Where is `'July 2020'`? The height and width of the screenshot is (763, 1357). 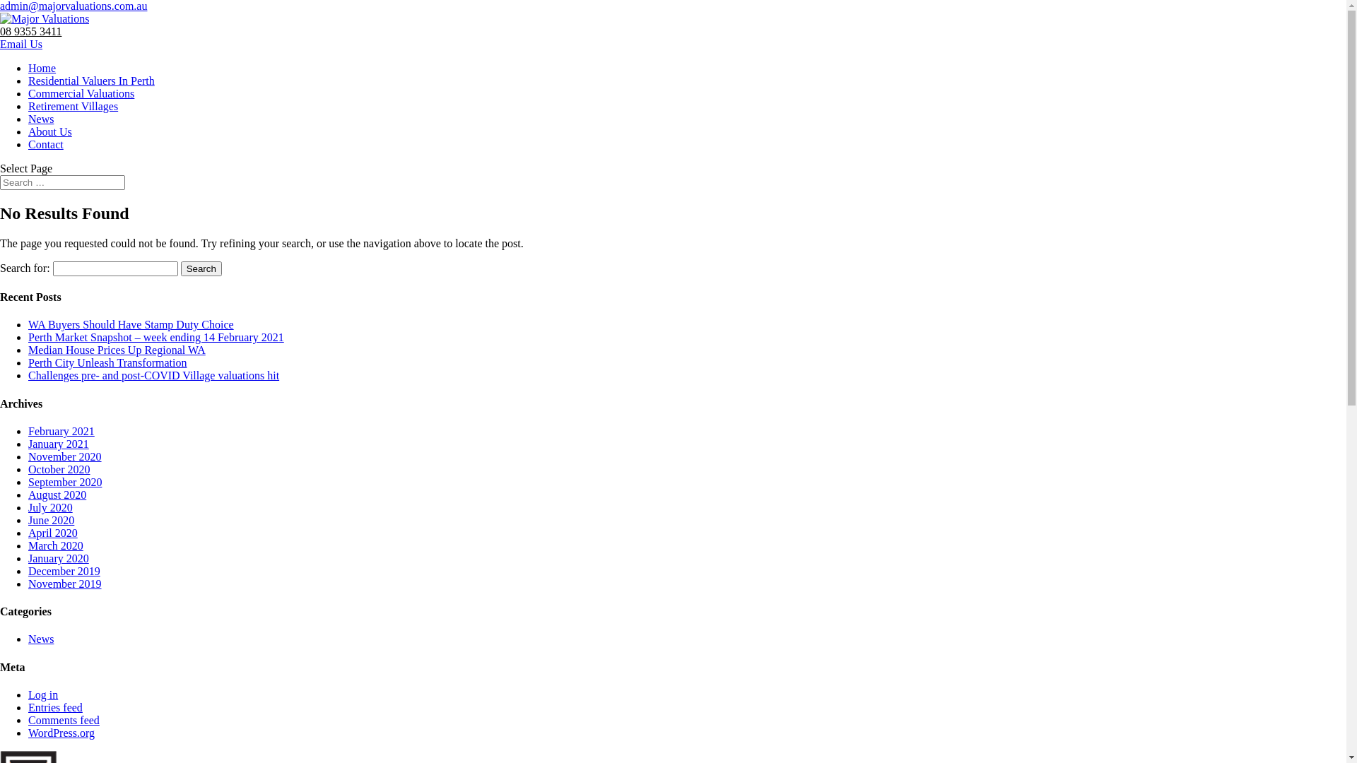 'July 2020' is located at coordinates (50, 507).